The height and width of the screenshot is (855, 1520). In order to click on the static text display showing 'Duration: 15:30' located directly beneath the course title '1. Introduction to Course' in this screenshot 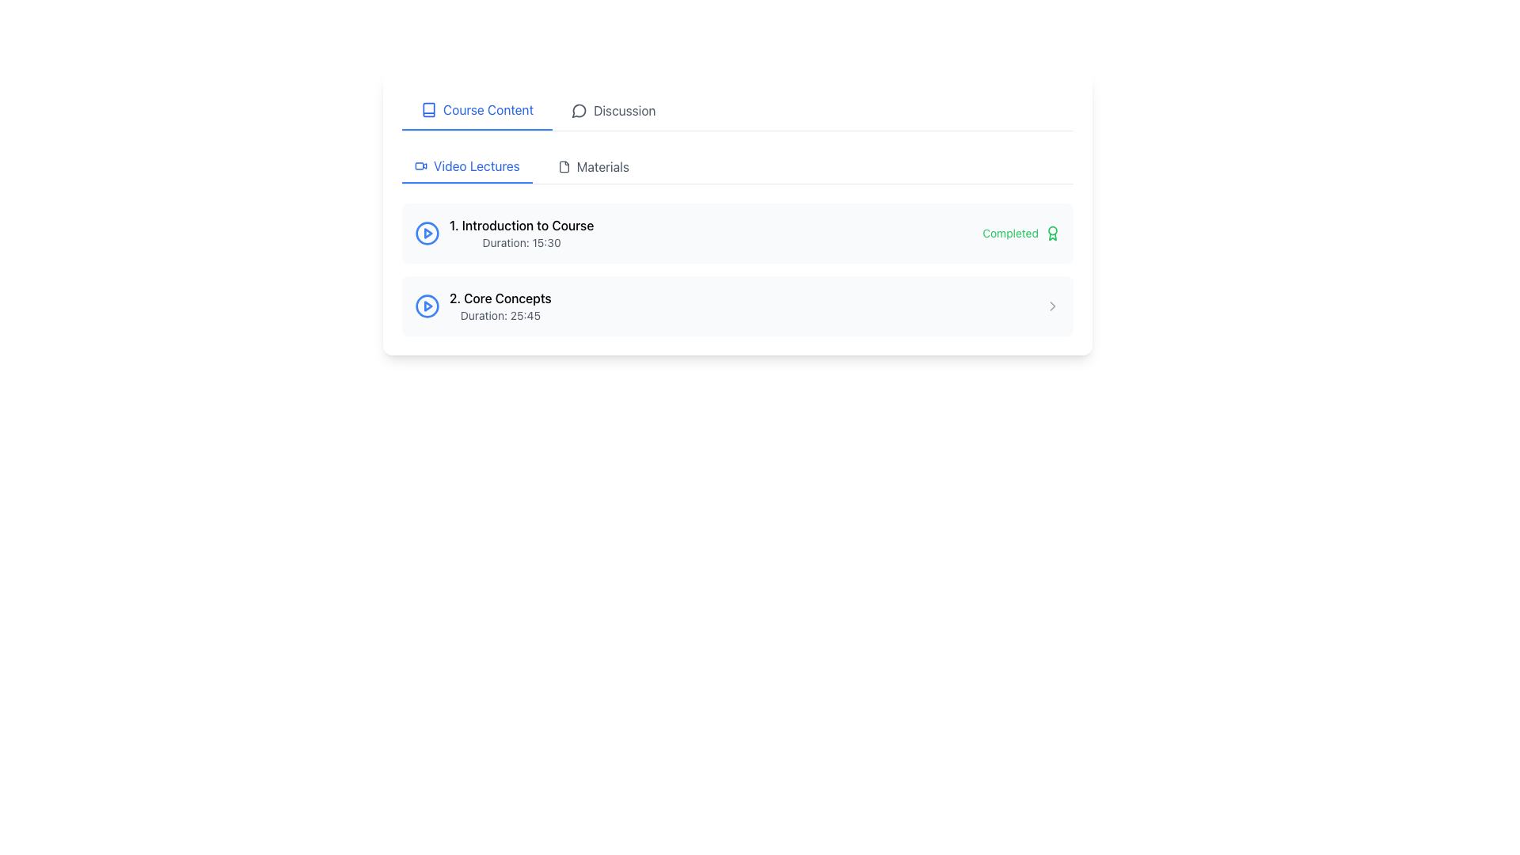, I will do `click(522, 243)`.